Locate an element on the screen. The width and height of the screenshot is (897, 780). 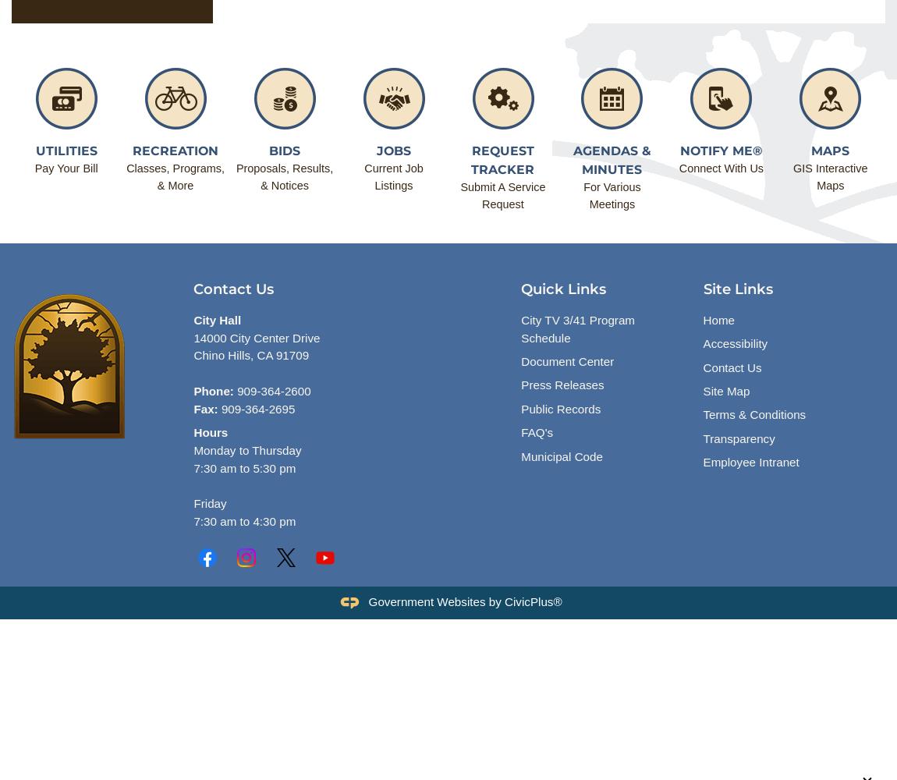
'City TV 3/41 Program Schedule' is located at coordinates (576, 328).